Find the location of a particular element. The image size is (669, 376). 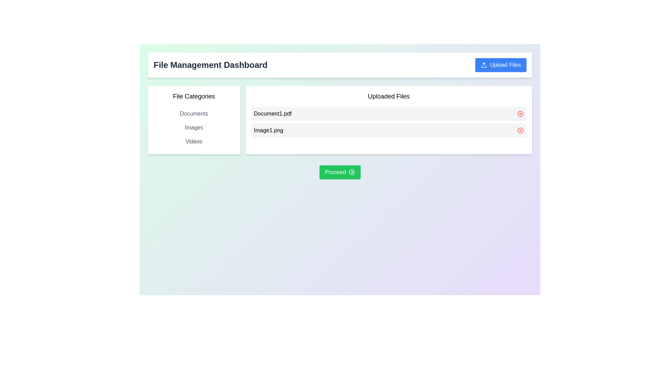

the Circular arrow icon located to the right of the 'Proceed' text is located at coordinates (352, 172).